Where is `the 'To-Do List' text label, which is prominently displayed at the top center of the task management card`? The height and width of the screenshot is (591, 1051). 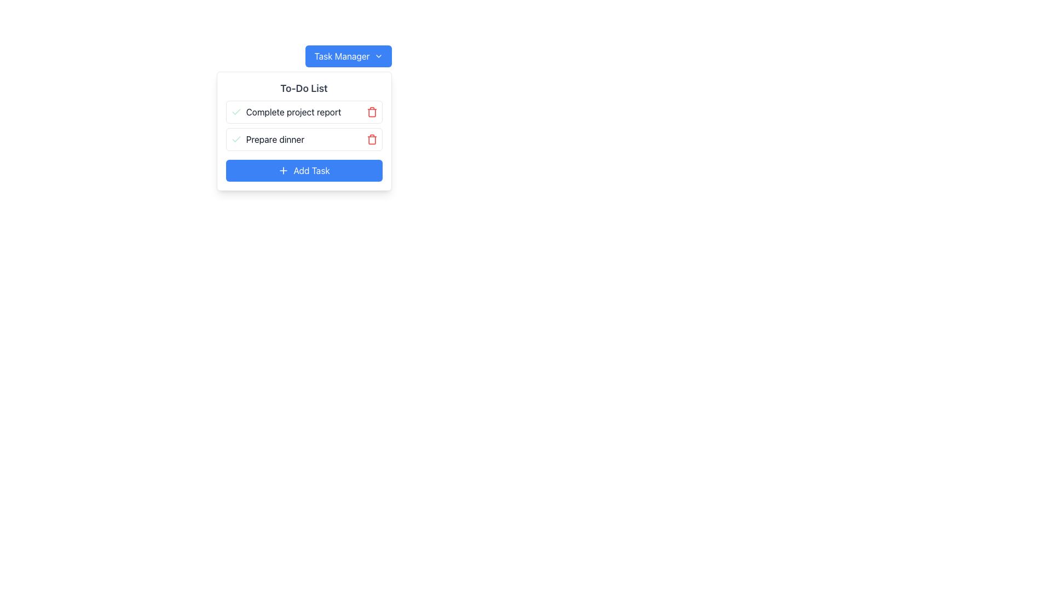
the 'To-Do List' text label, which is prominently displayed at the top center of the task management card is located at coordinates (304, 88).